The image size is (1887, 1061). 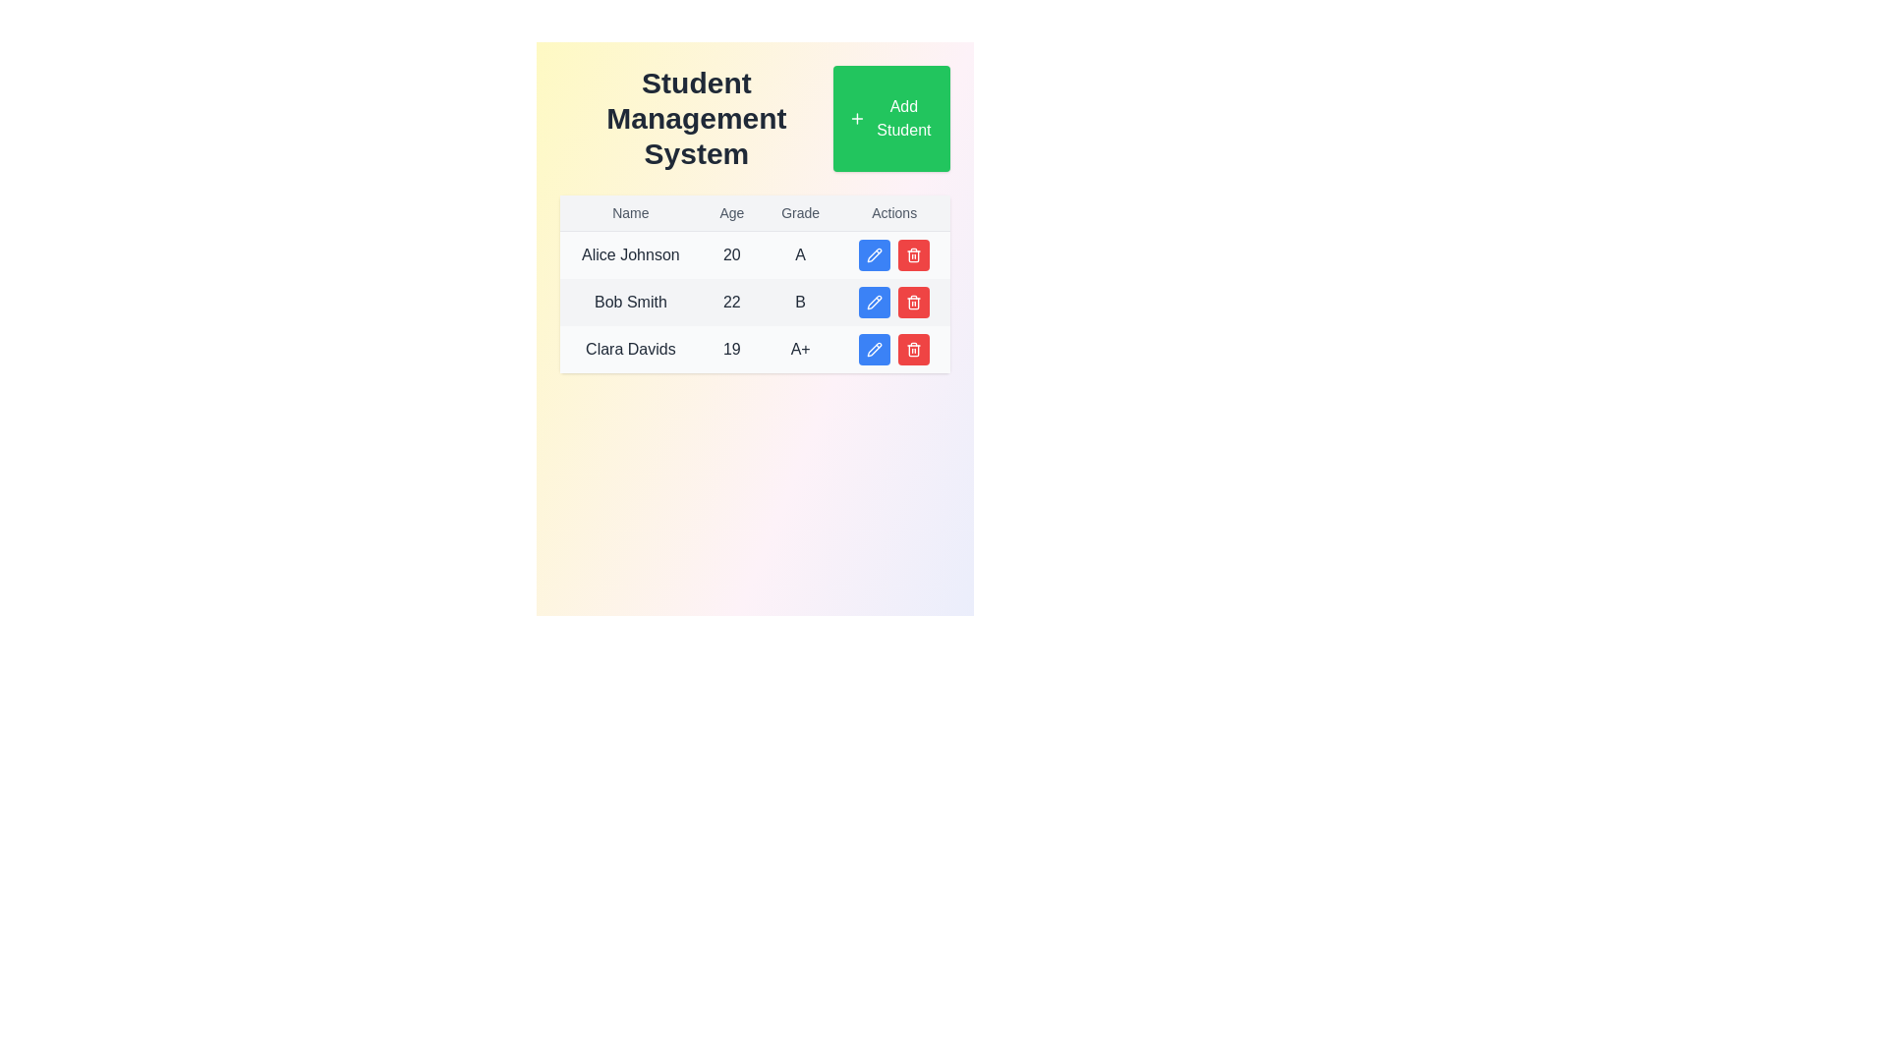 What do you see at coordinates (874, 303) in the screenshot?
I see `the edit icon in the second row of the actions column in the student management table, located between the 'B' grade and the trash icon` at bounding box center [874, 303].